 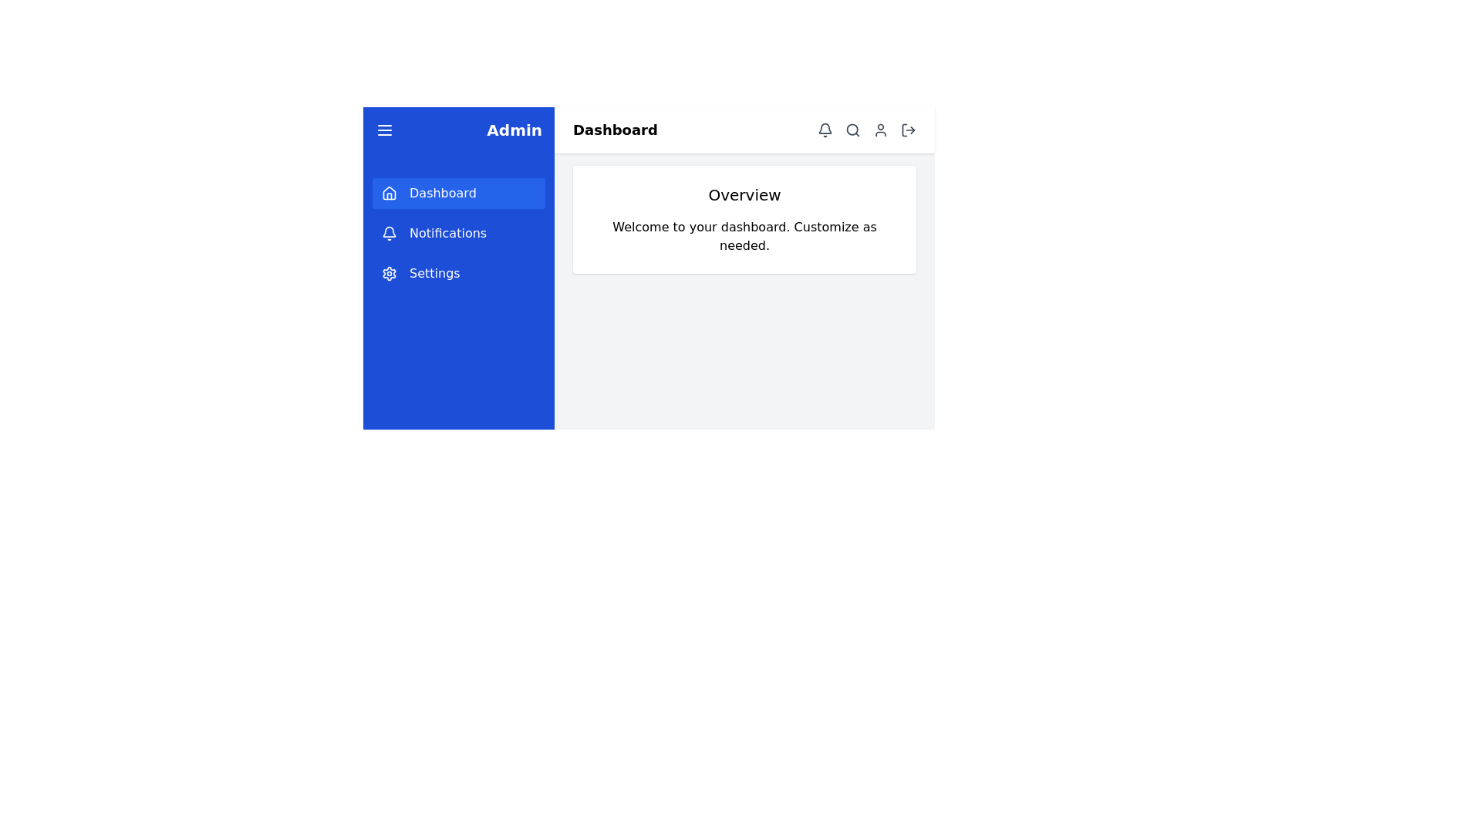 What do you see at coordinates (852, 129) in the screenshot?
I see `the circular component of the search icon located in the top-right header section of the interface` at bounding box center [852, 129].